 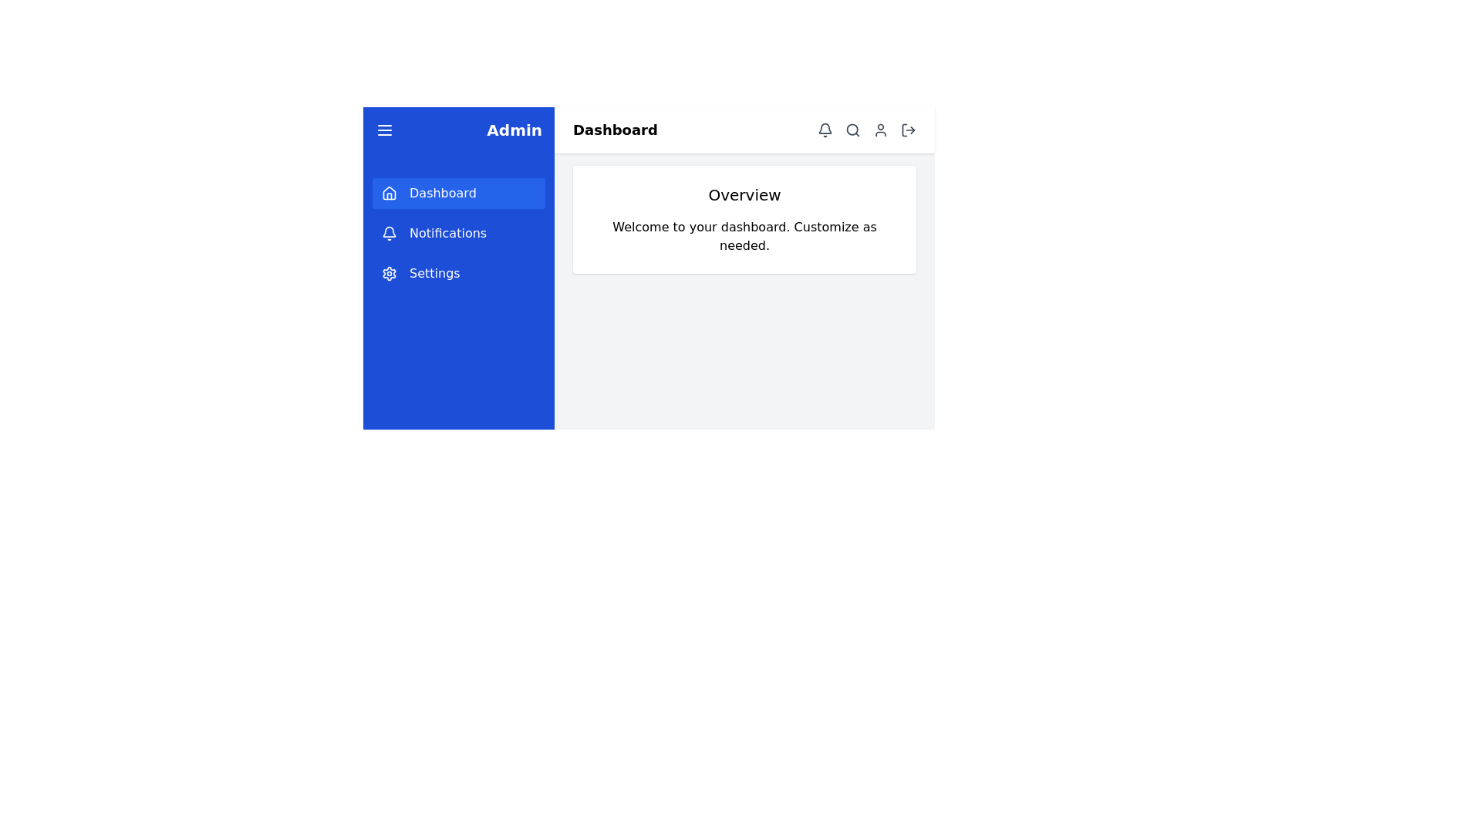 What do you see at coordinates (852, 129) in the screenshot?
I see `the circular component of the search icon located in the top-right header section of the interface` at bounding box center [852, 129].